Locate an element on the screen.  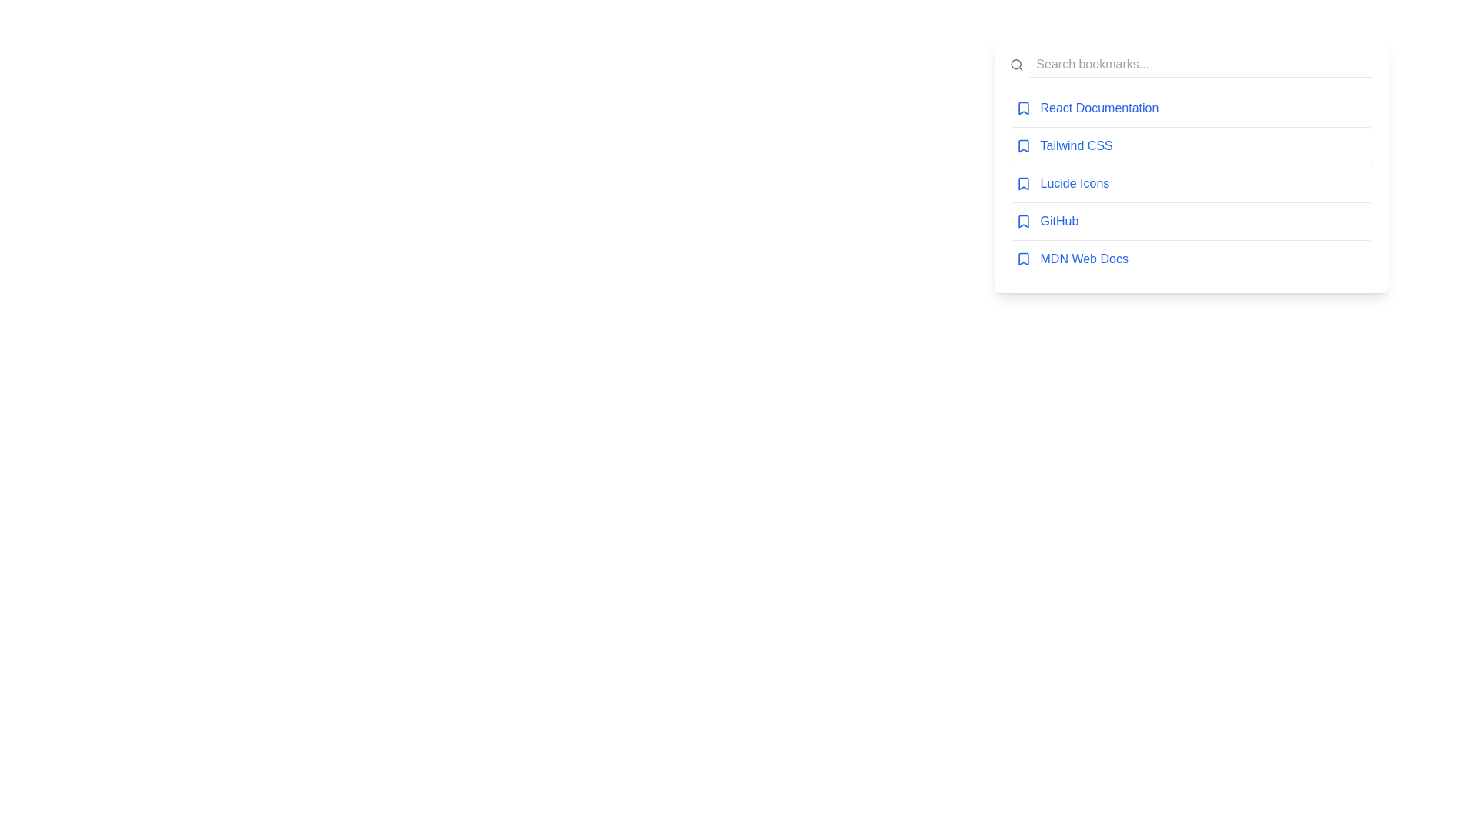
the bookmark link for Tailwind CSS to navigate to the respective page is located at coordinates (1075, 145).